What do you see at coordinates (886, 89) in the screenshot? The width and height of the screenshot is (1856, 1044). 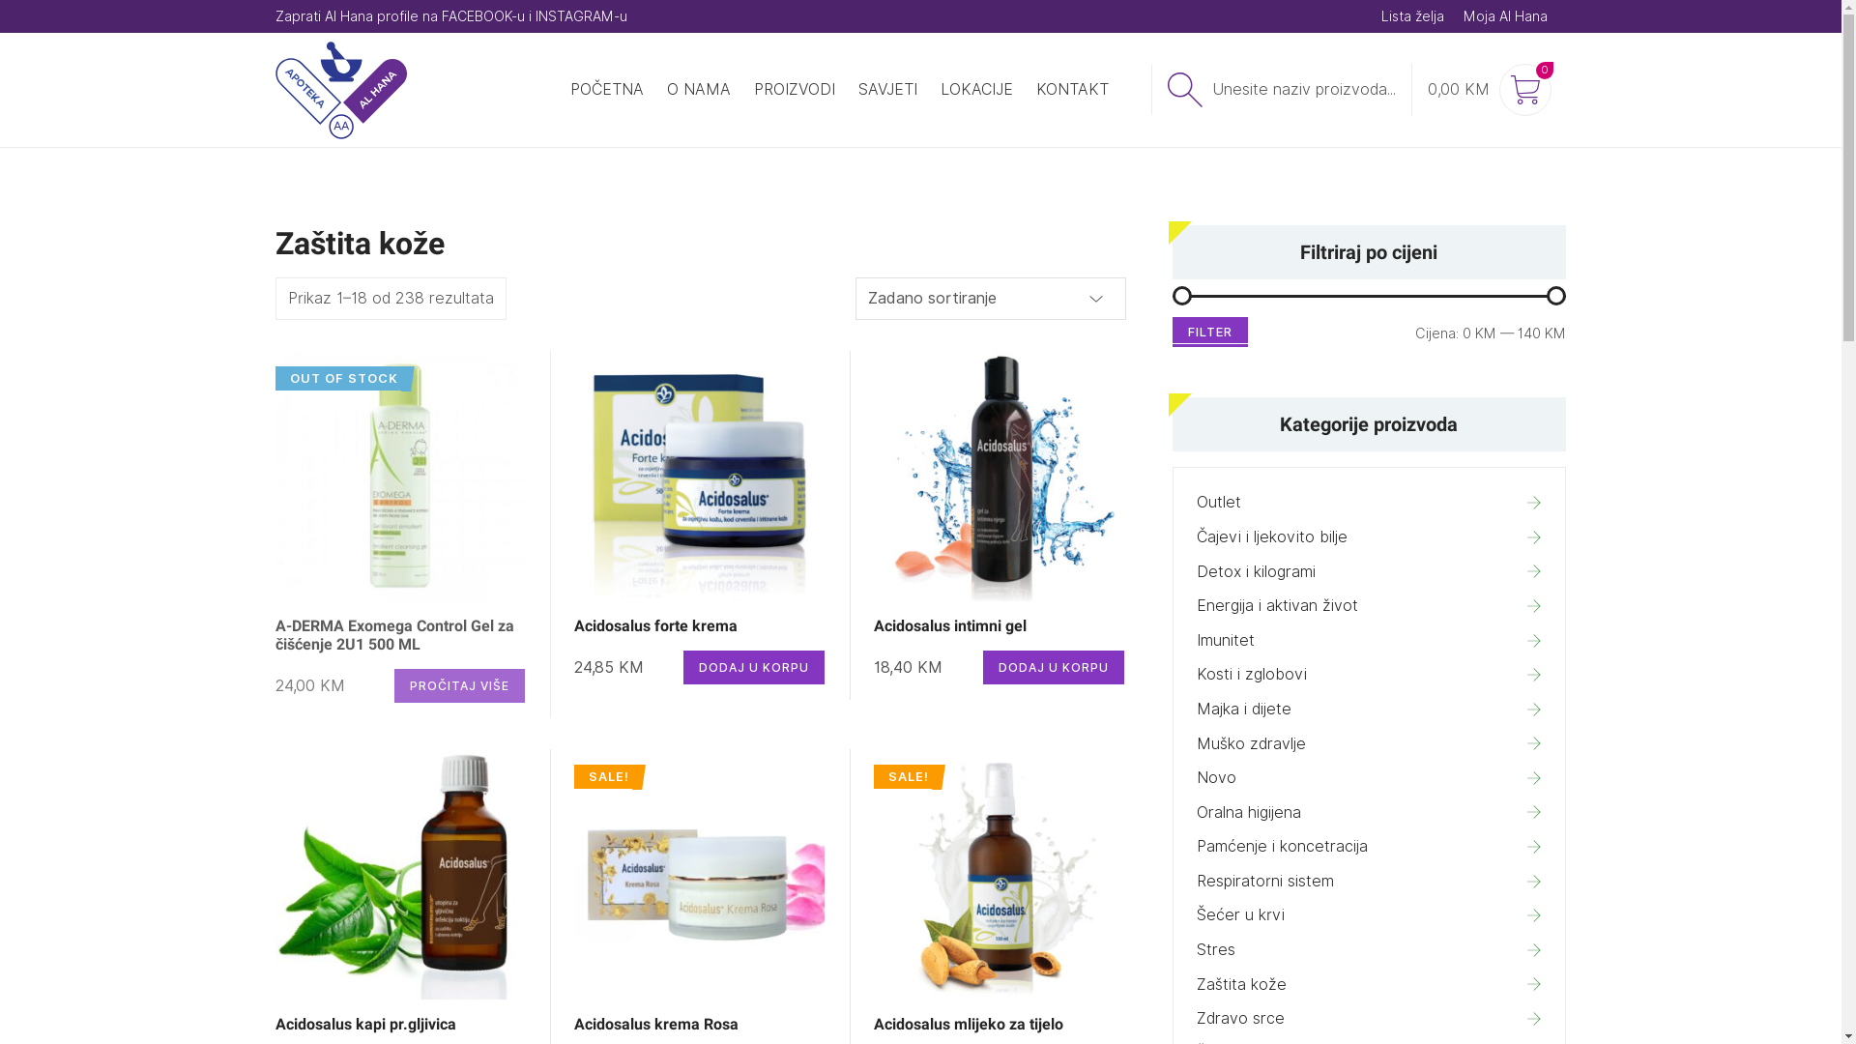 I see `'SAVJETI'` at bounding box center [886, 89].